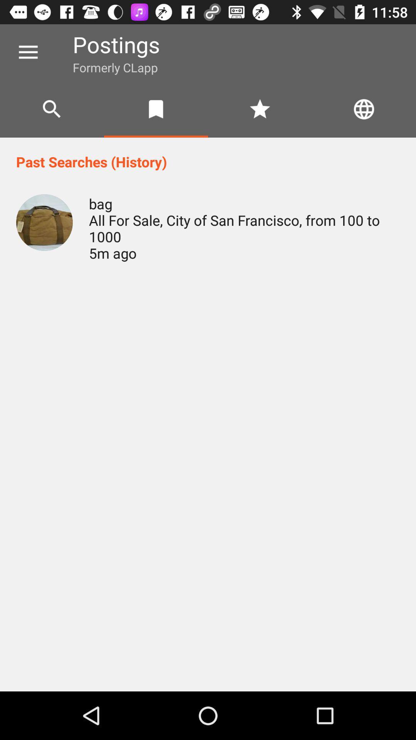  Describe the element at coordinates (44, 222) in the screenshot. I see `icon to the left of bag all for` at that location.